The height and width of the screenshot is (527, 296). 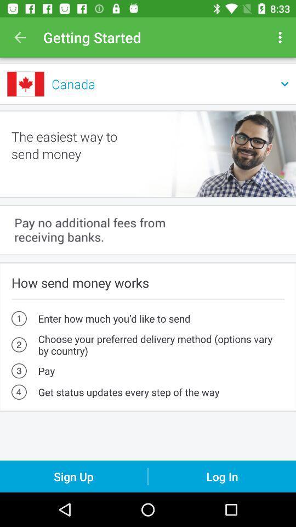 I want to click on icon below the get status updates item, so click(x=73, y=476).